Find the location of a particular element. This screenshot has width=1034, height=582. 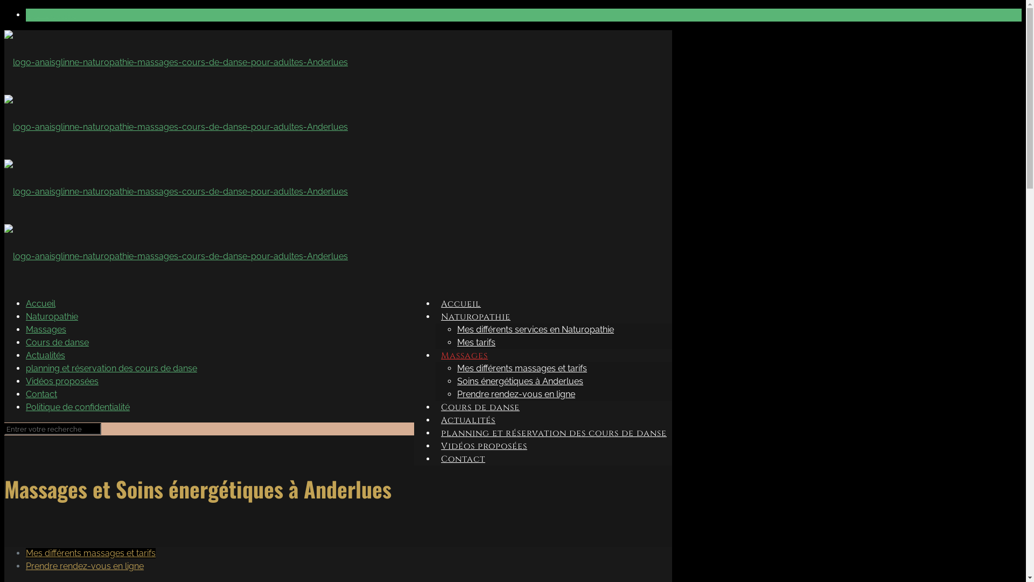

'Massages' is located at coordinates (464, 355).